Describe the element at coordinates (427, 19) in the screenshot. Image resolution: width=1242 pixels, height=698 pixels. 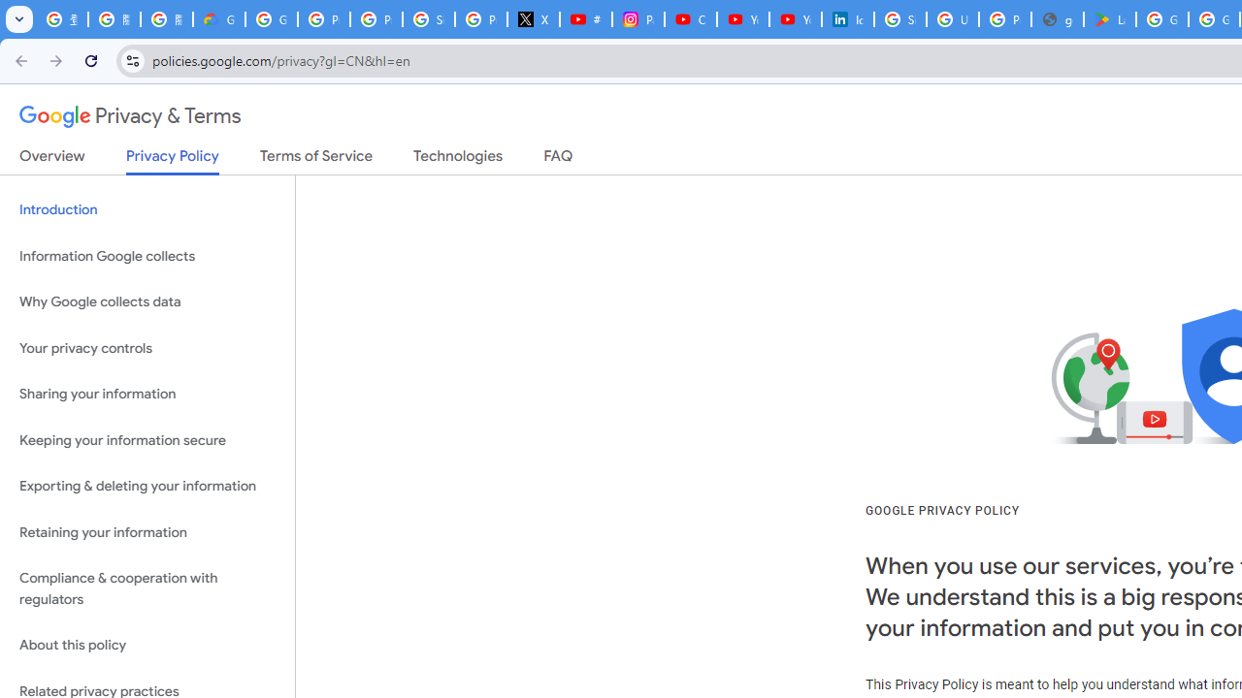
I see `'Sign in - Google Accounts'` at that location.